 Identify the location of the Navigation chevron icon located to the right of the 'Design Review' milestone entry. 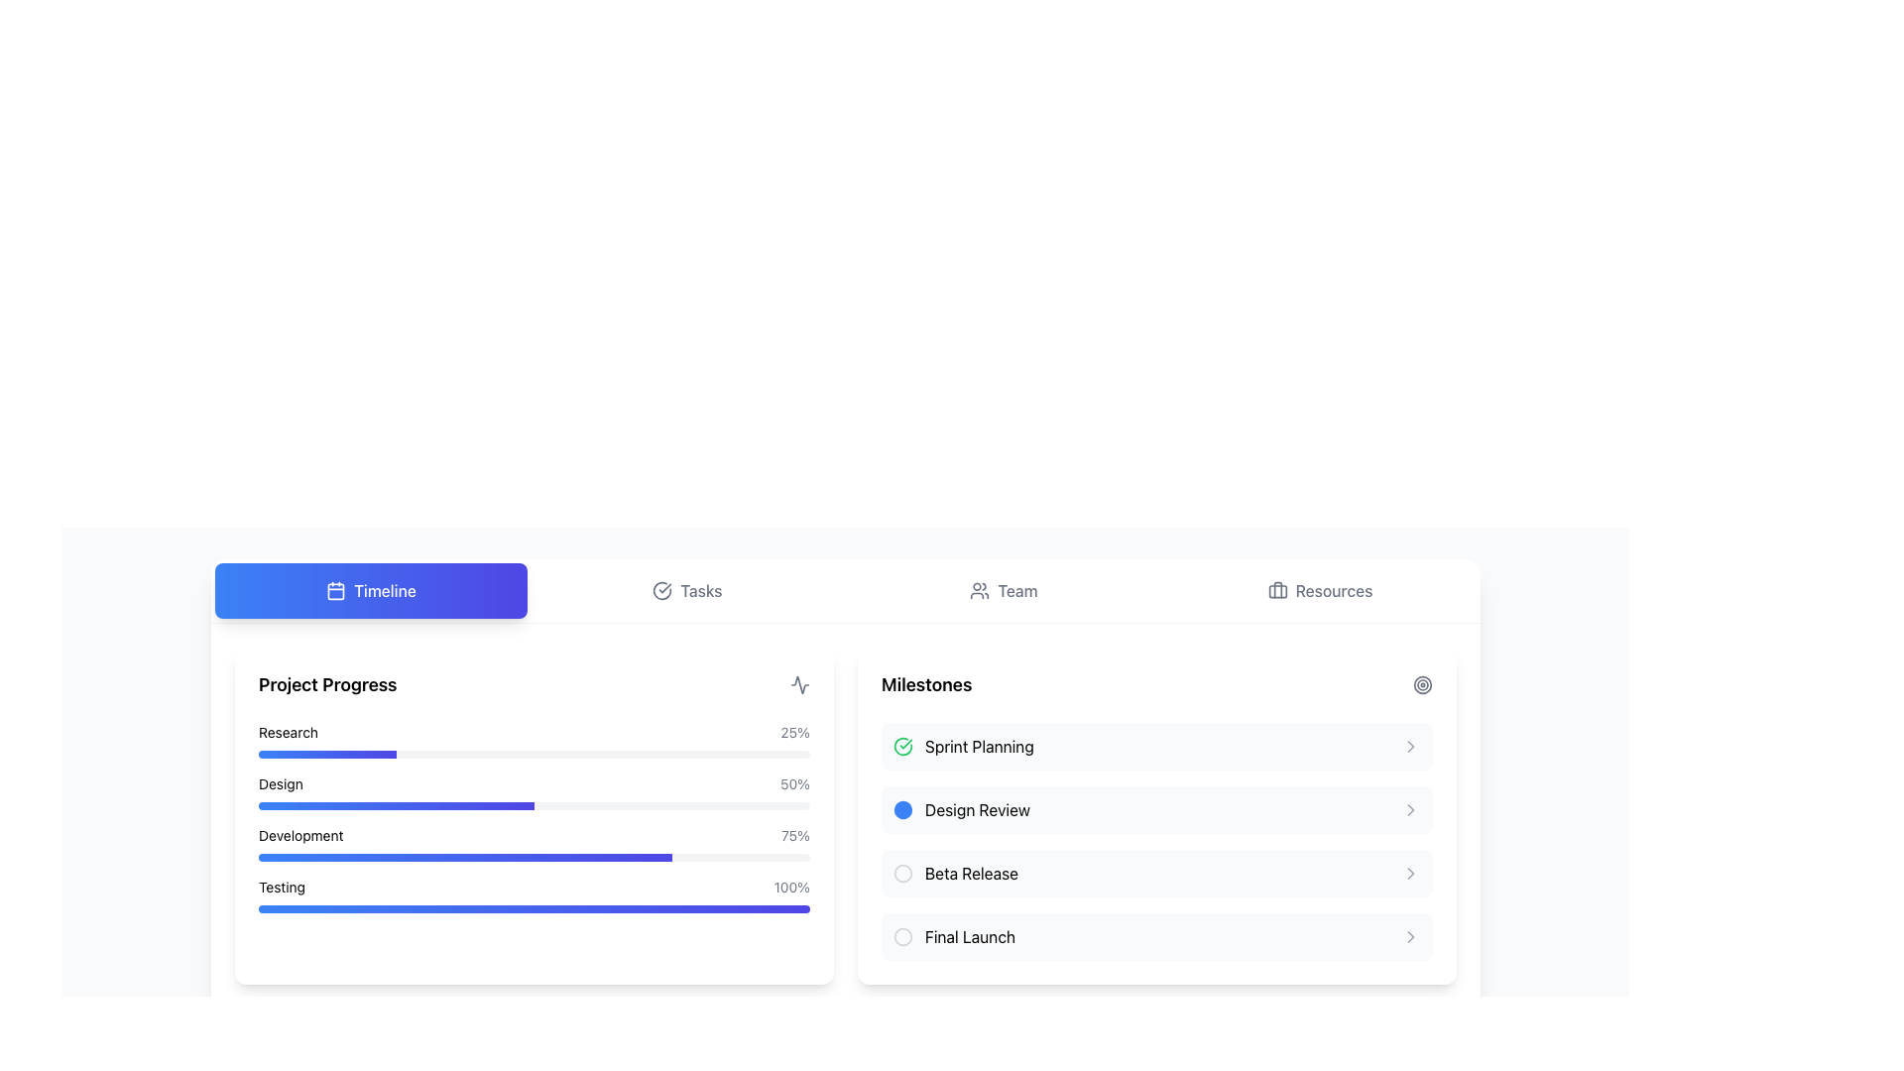
(1409, 810).